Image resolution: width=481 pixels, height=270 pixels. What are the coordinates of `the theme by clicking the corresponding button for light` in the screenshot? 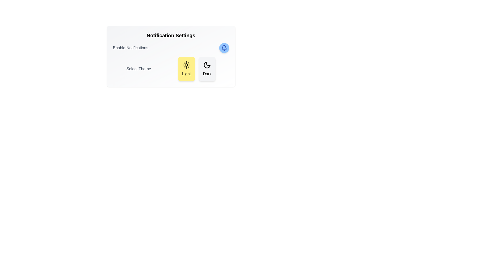 It's located at (186, 69).